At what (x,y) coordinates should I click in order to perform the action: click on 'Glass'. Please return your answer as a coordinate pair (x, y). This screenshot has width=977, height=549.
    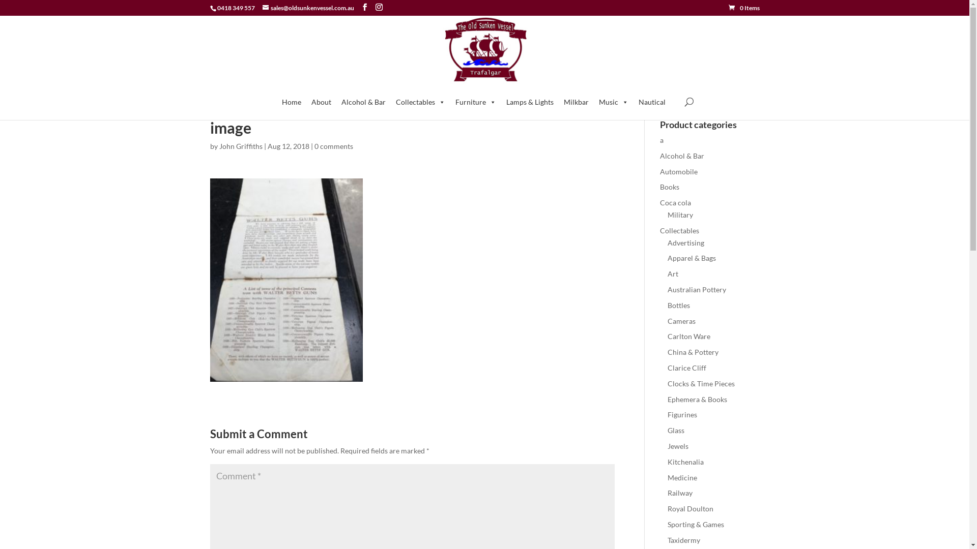
    Looking at the image, I should click on (676, 430).